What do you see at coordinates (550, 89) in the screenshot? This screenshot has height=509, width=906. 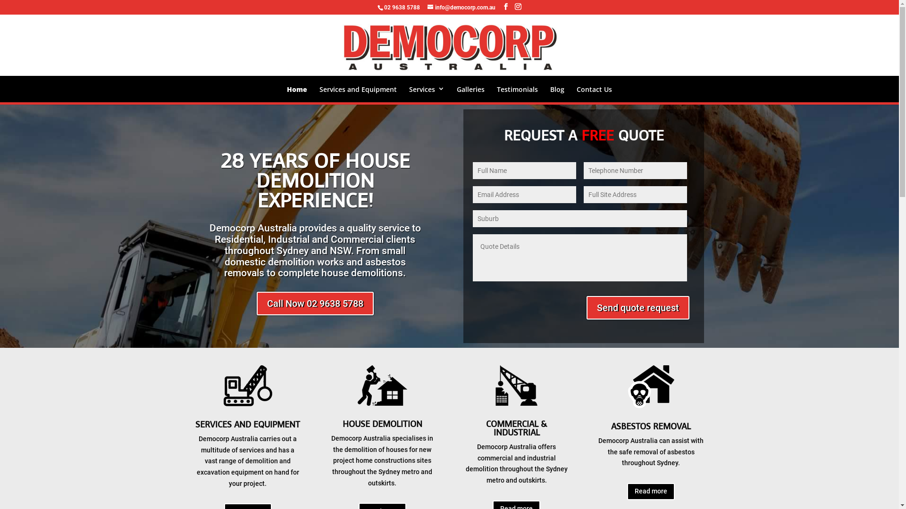 I see `'Blog'` at bounding box center [550, 89].